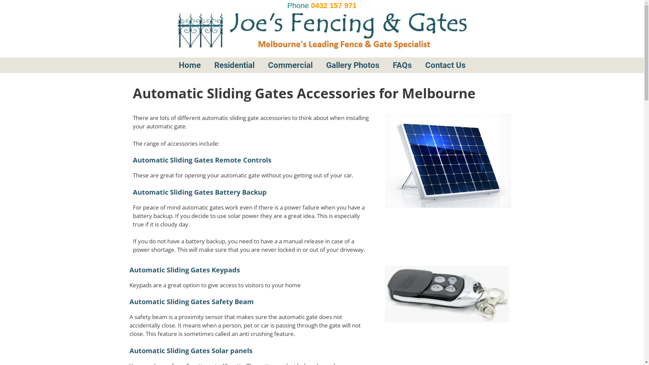  What do you see at coordinates (415, 65) in the screenshot?
I see `'FAQs'` at bounding box center [415, 65].